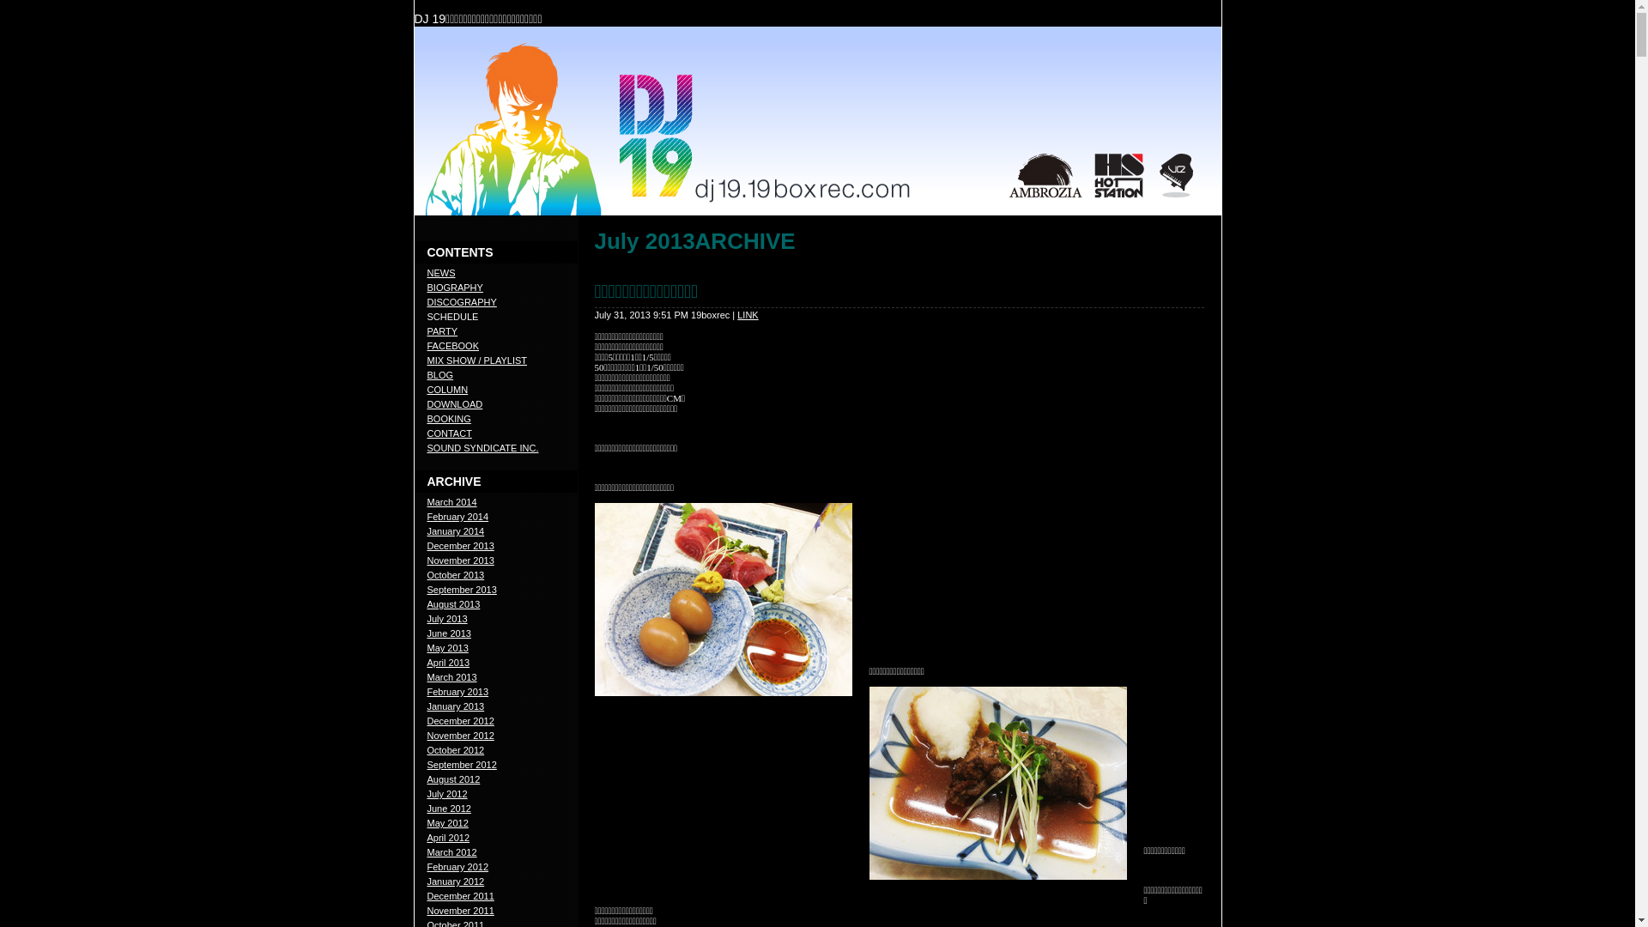 The image size is (1648, 927). I want to click on 'DISCOGRAPHY', so click(462, 300).